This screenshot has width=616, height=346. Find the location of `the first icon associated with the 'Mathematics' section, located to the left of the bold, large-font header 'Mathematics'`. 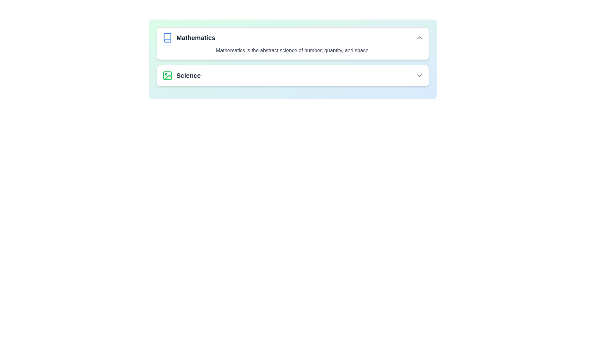

the first icon associated with the 'Mathematics' section, located to the left of the bold, large-font header 'Mathematics' is located at coordinates (167, 38).